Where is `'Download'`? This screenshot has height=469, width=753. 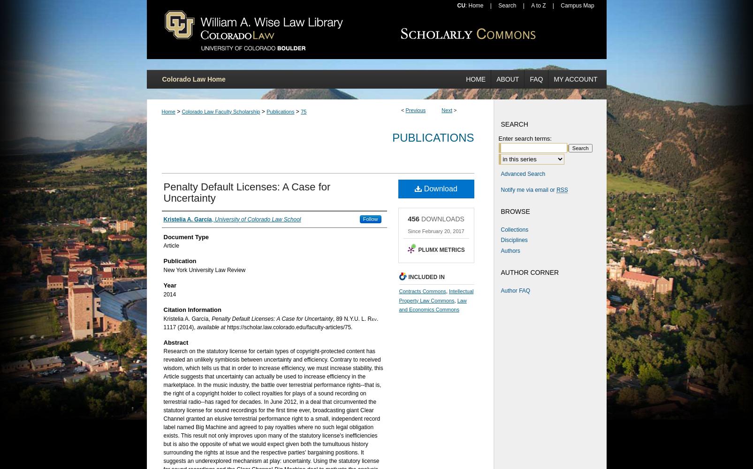
'Download' is located at coordinates (439, 188).